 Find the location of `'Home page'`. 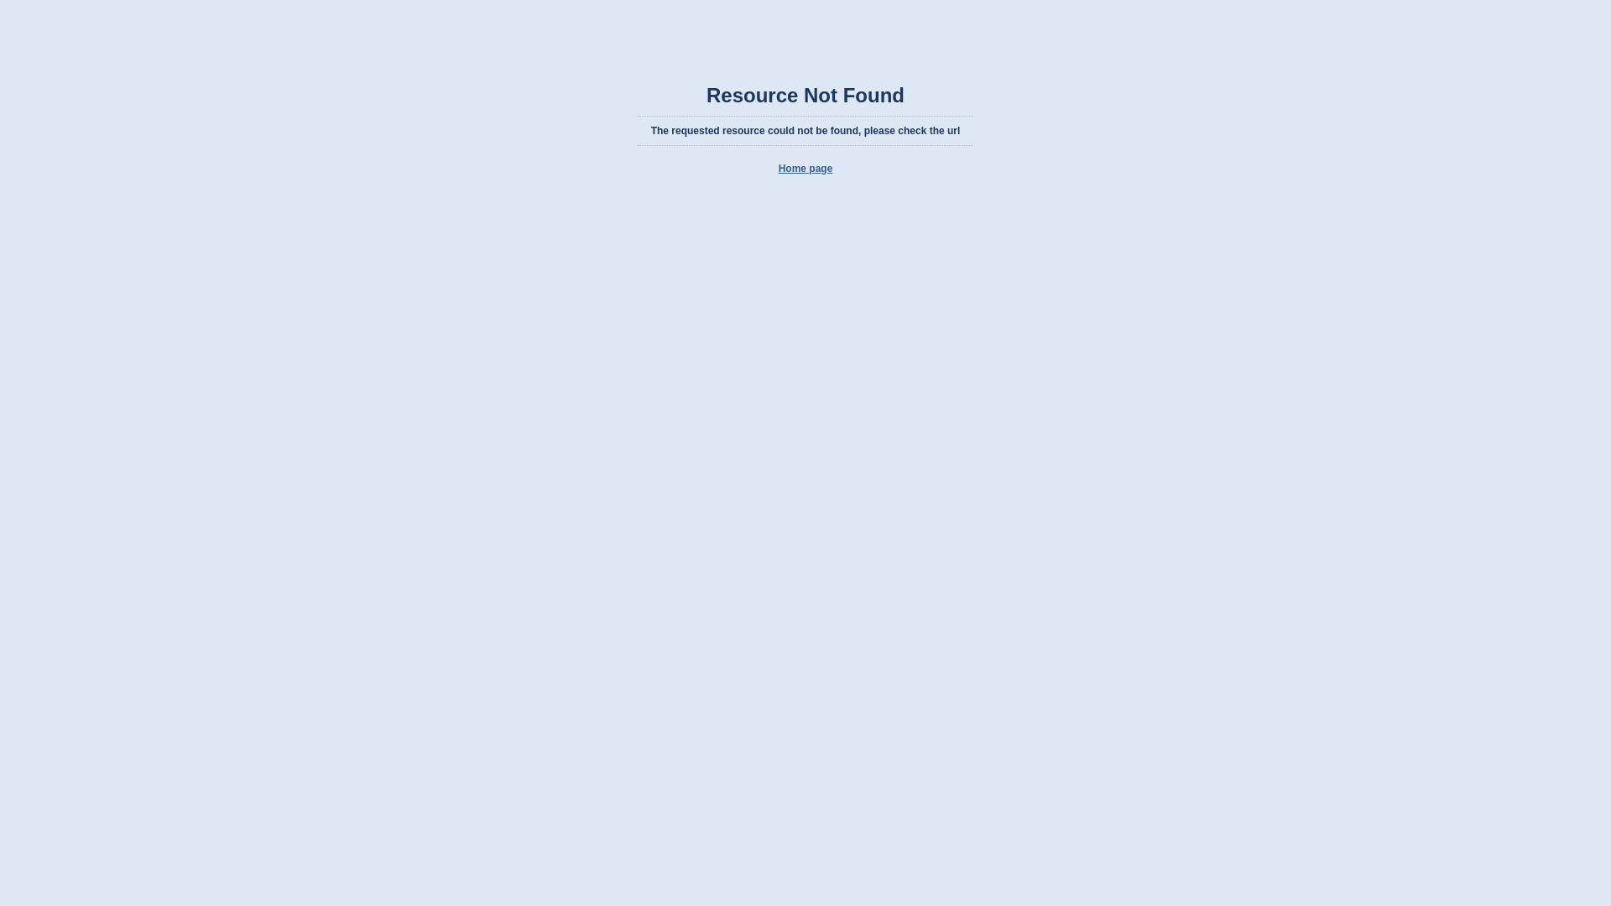

'Home page' is located at coordinates (777, 168).